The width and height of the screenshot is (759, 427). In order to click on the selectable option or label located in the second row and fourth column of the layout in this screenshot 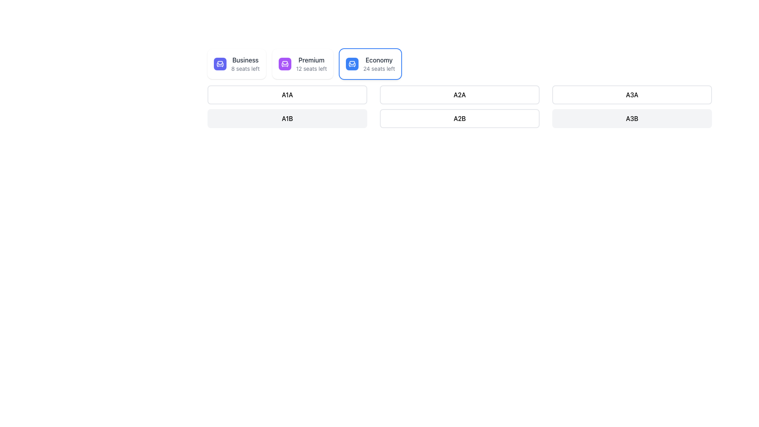, I will do `click(459, 119)`.